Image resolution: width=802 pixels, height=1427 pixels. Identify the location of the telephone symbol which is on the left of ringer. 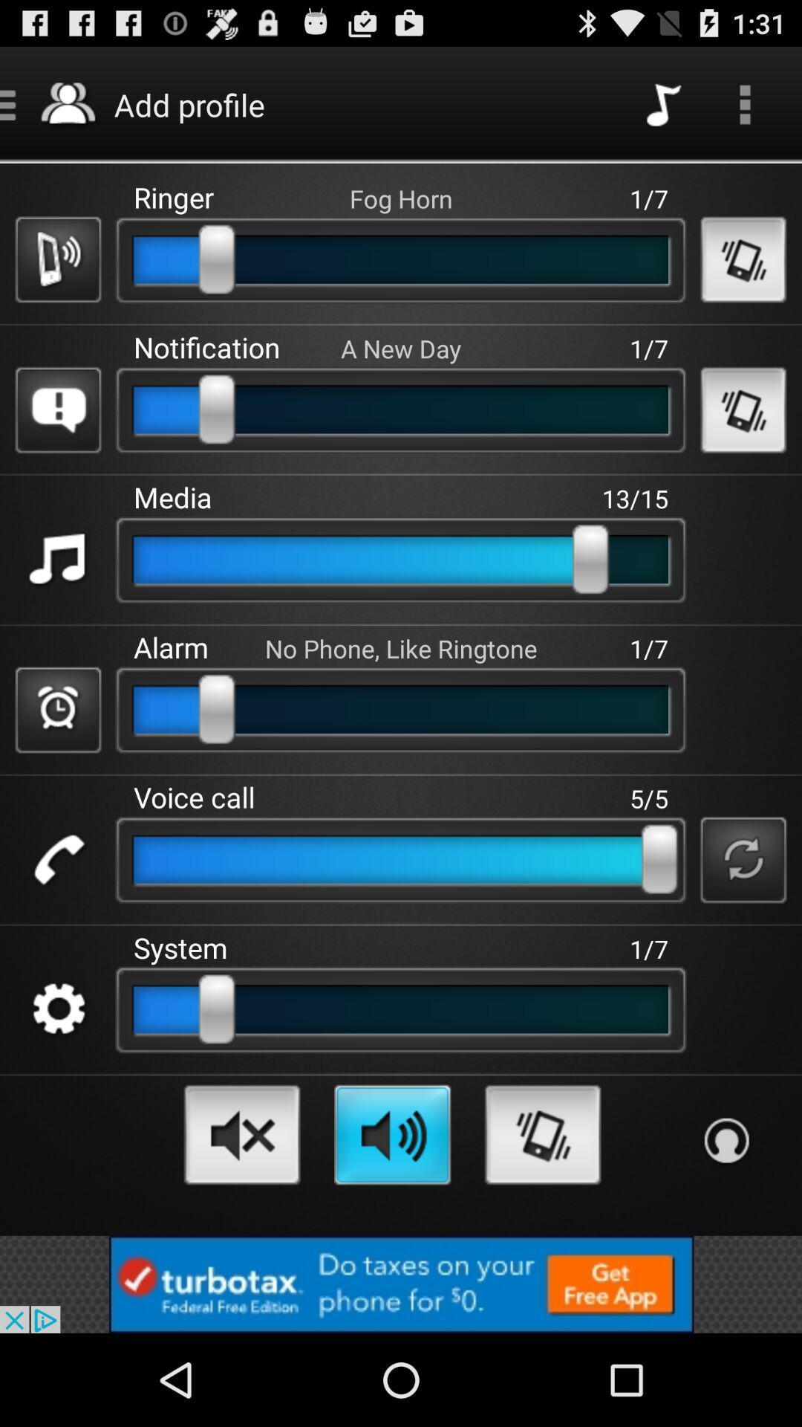
(57, 259).